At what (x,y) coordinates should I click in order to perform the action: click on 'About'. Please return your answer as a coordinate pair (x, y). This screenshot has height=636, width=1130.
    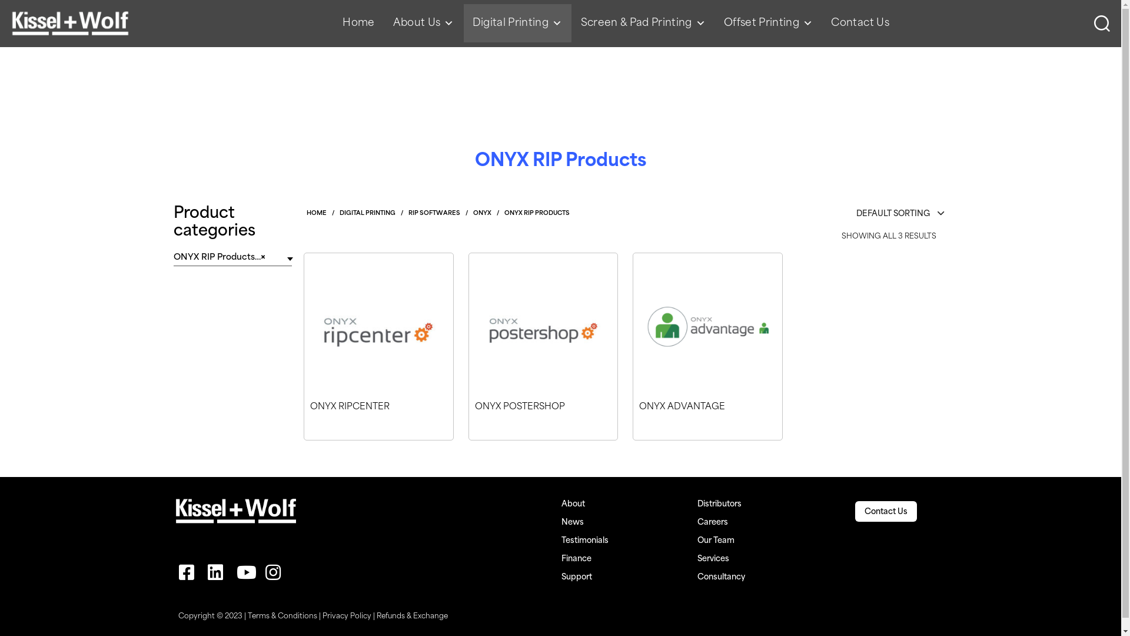
    Looking at the image, I should click on (561, 503).